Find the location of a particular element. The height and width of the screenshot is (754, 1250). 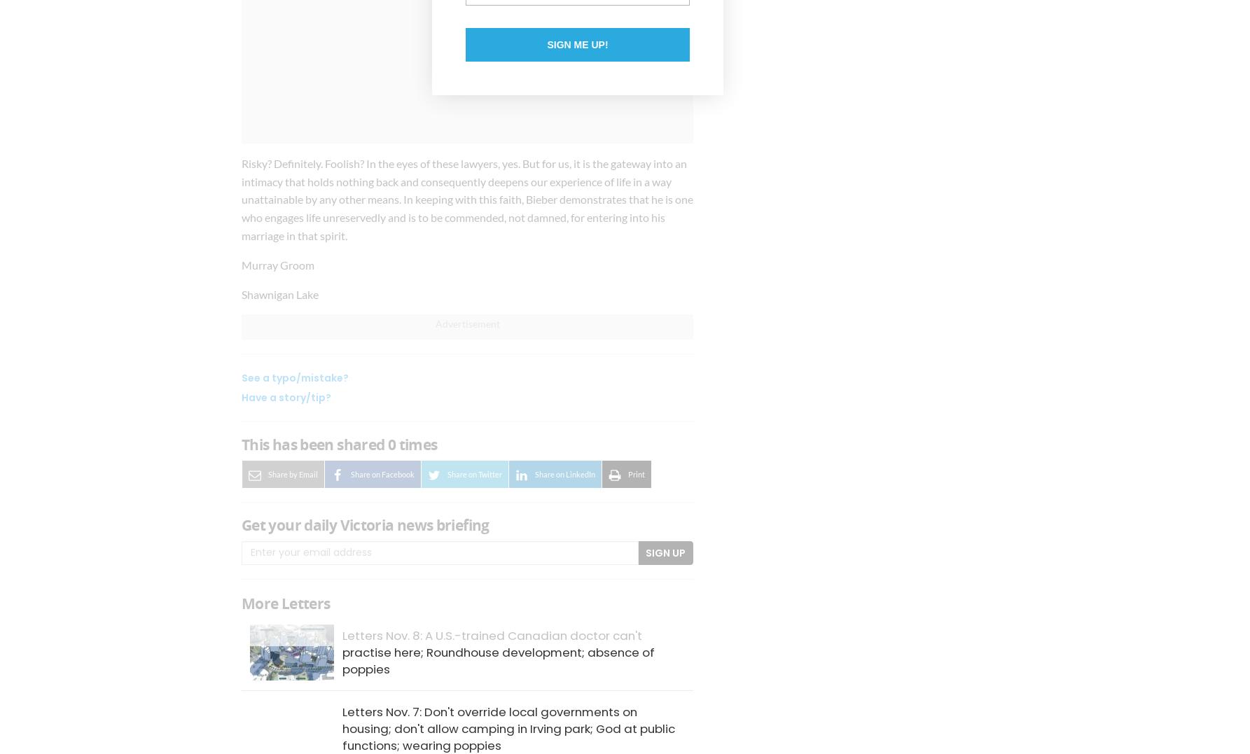

'Have a story/tip?' is located at coordinates (285, 398).